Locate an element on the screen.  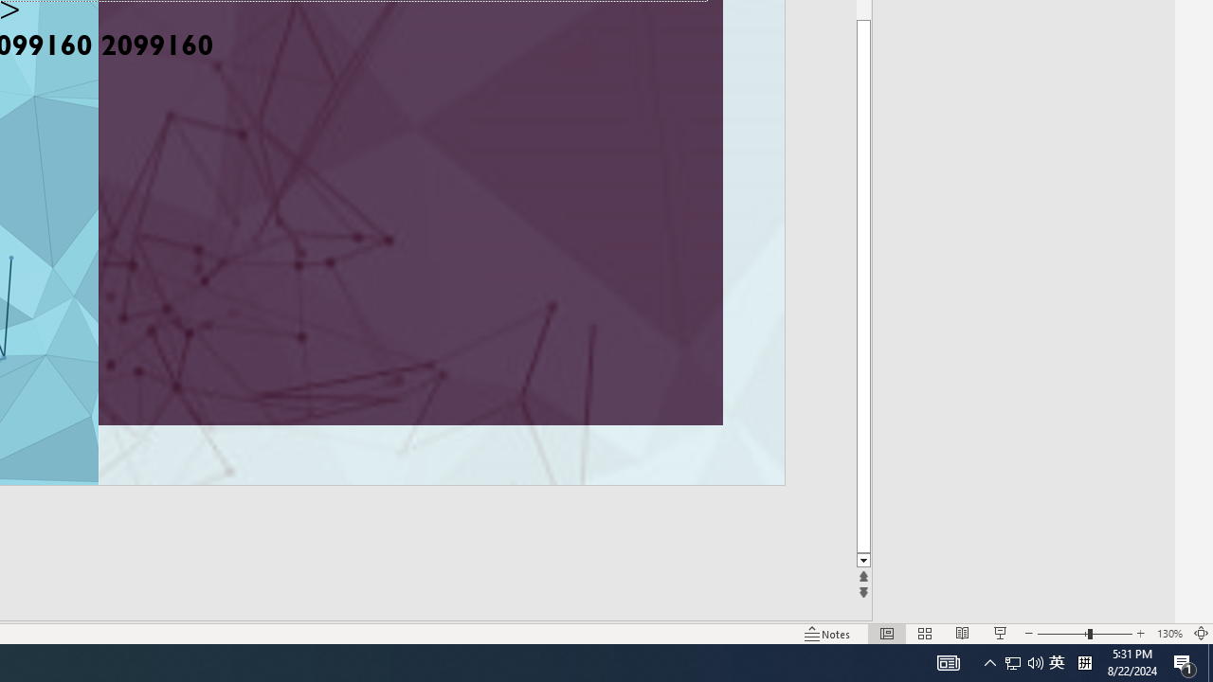
'Zoom' is located at coordinates (1084, 634).